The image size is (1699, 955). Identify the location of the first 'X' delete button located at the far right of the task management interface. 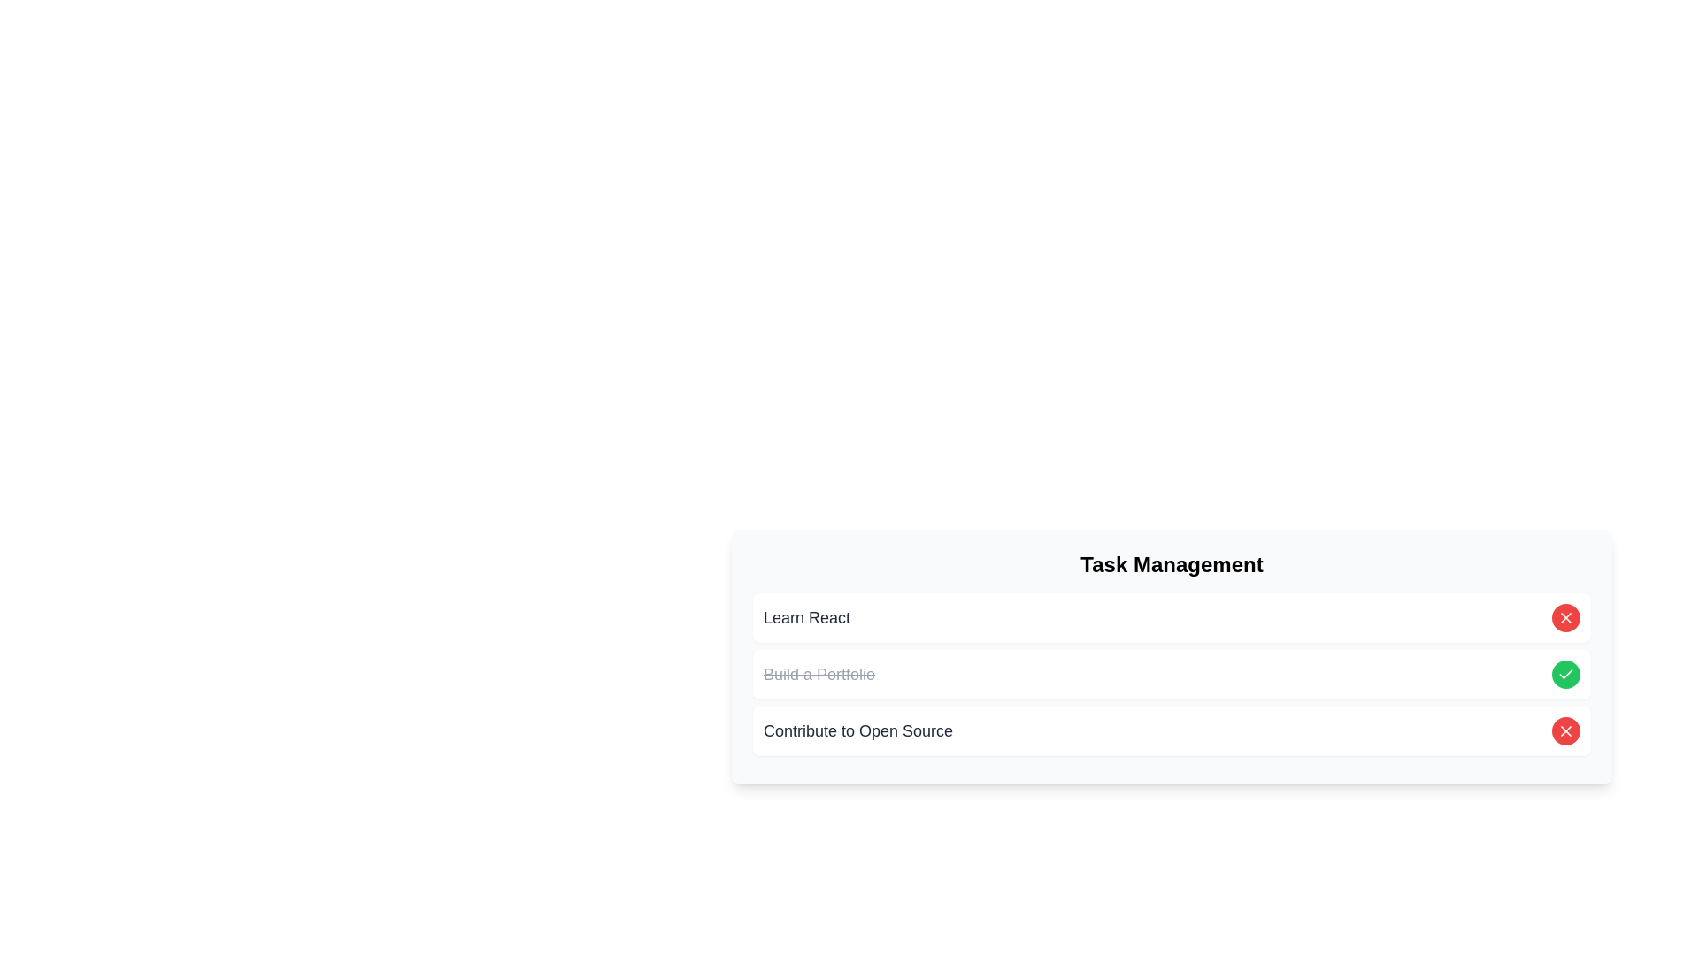
(1566, 616).